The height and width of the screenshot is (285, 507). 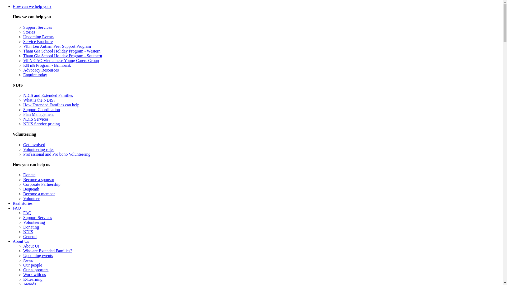 What do you see at coordinates (30, 236) in the screenshot?
I see `'General'` at bounding box center [30, 236].